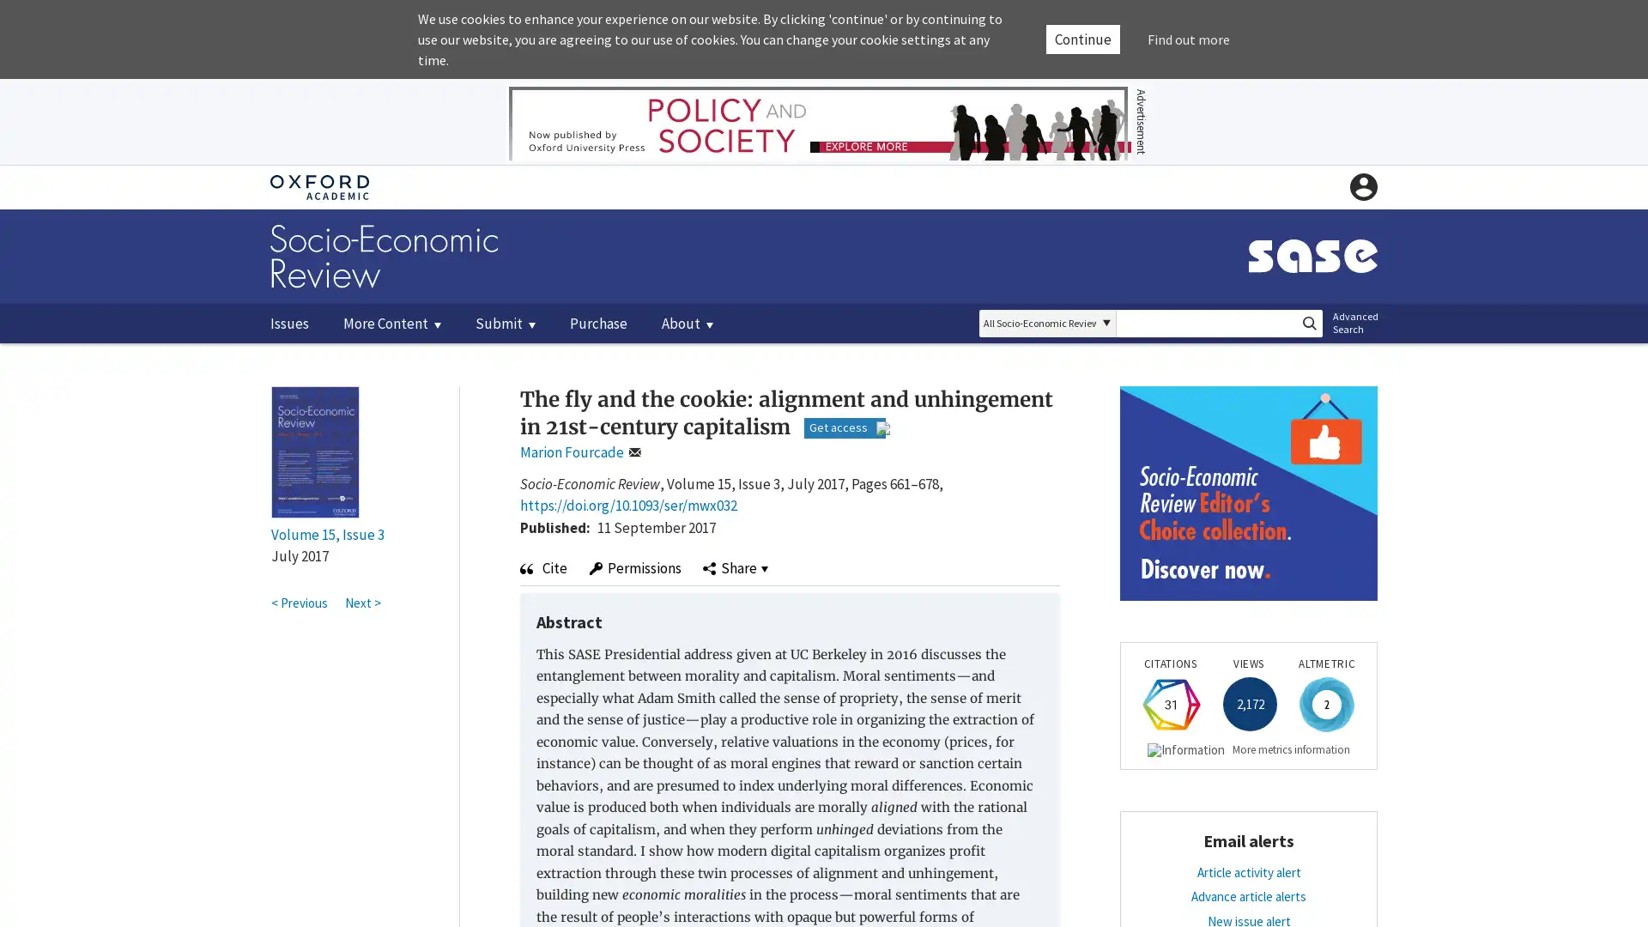  What do you see at coordinates (1248, 882) in the screenshot?
I see `Article activity alert` at bounding box center [1248, 882].